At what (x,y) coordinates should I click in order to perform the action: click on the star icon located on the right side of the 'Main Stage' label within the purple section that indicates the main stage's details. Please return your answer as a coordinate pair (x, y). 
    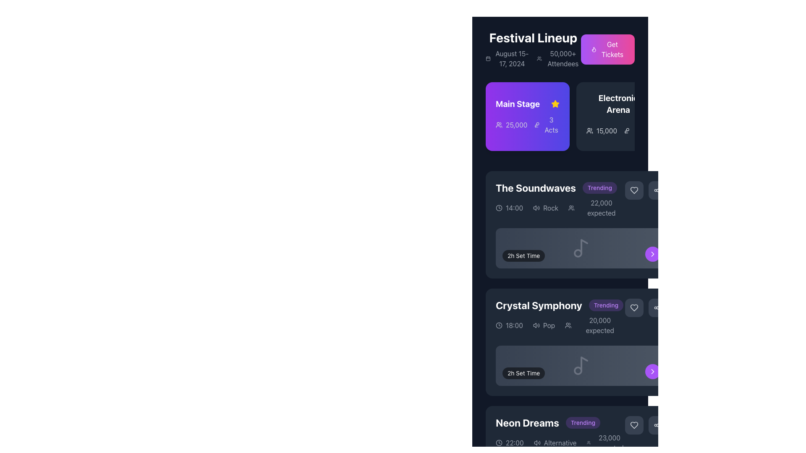
    Looking at the image, I should click on (555, 103).